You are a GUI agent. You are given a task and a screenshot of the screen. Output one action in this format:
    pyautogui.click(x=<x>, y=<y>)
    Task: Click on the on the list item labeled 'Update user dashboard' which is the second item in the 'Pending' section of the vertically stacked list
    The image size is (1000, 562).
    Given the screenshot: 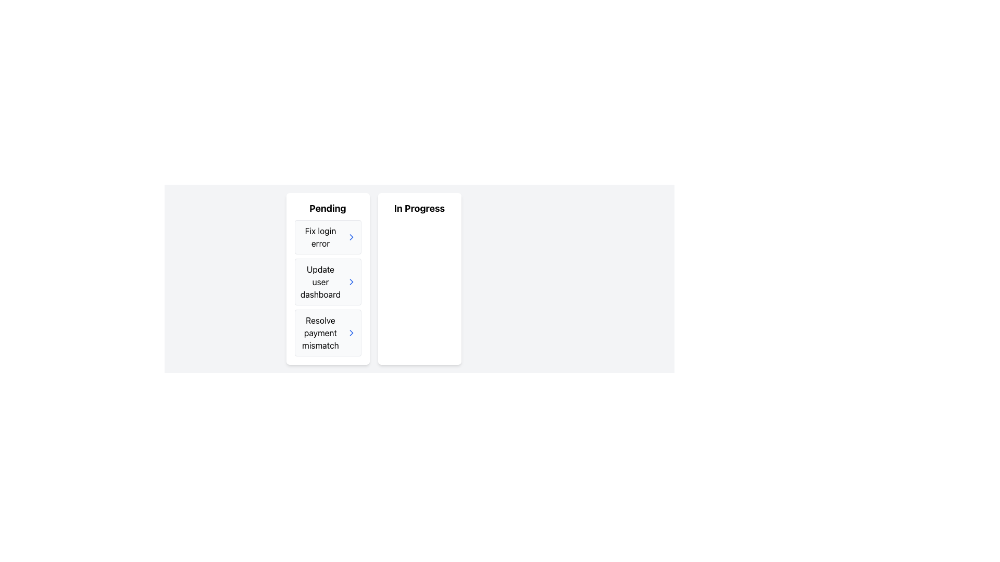 What is the action you would take?
    pyautogui.click(x=327, y=288)
    